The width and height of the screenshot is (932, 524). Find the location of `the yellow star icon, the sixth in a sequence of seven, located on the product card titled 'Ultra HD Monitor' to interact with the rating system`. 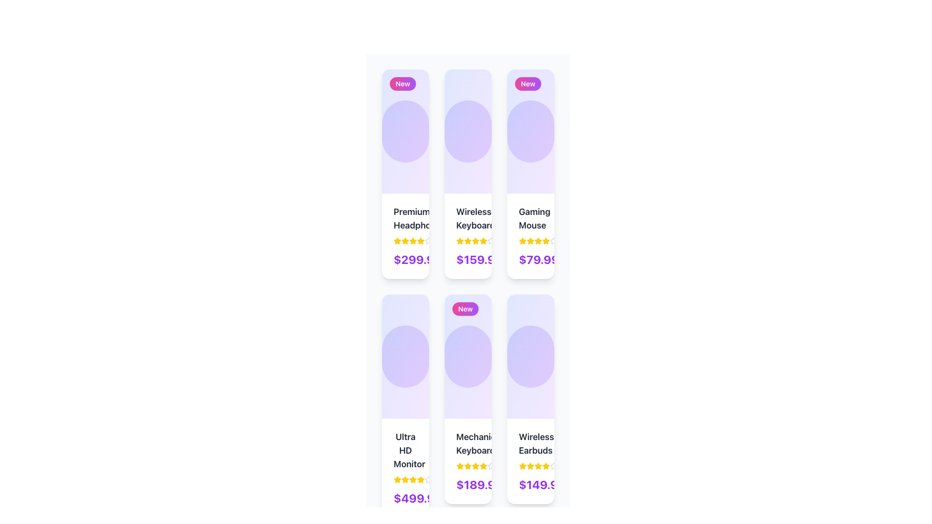

the yellow star icon, the sixth in a sequence of seven, located on the product card titled 'Ultra HD Monitor' to interact with the rating system is located at coordinates (421, 479).